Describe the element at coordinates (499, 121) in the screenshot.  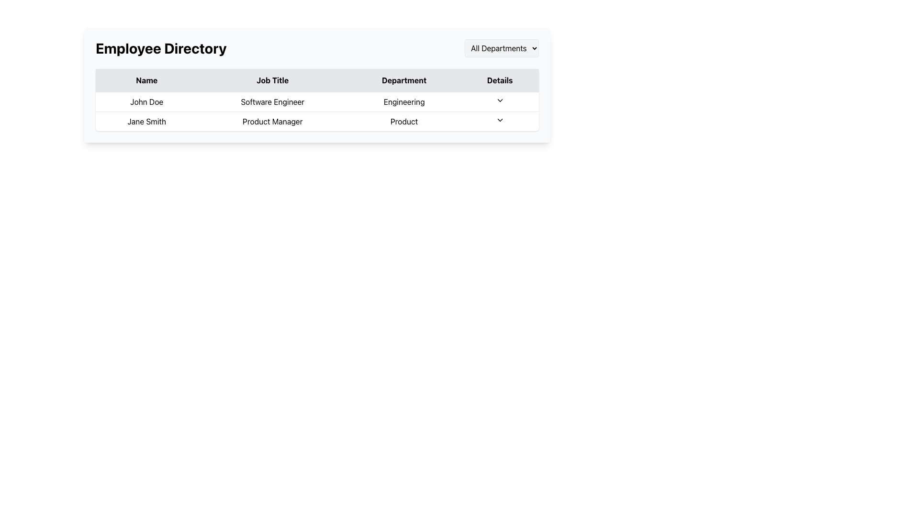
I see `the downward-pointing triangle icon at the far right of the 'Jane Smith Product Manager Product' row` at that location.